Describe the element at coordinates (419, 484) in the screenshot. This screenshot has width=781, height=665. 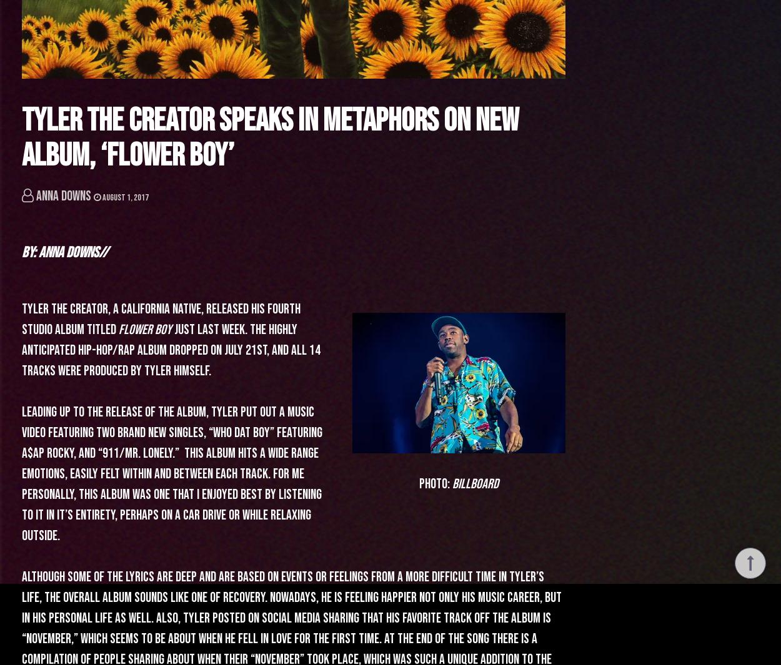
I see `'Photo:'` at that location.